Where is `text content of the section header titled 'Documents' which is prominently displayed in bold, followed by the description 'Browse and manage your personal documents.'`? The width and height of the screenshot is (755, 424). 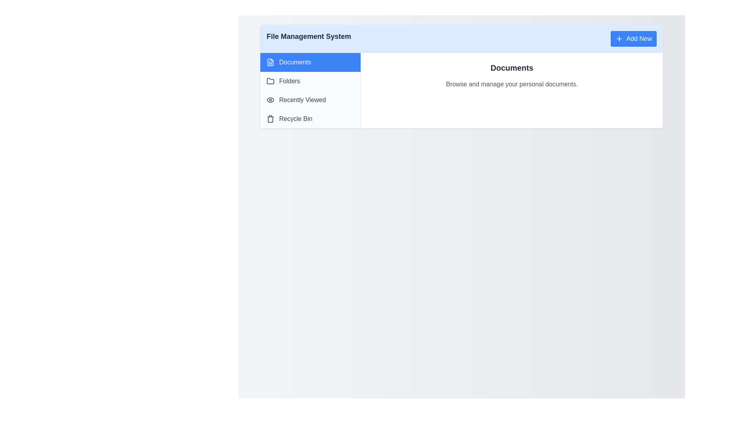
text content of the section header titled 'Documents' which is prominently displayed in bold, followed by the description 'Browse and manage your personal documents.' is located at coordinates (512, 90).